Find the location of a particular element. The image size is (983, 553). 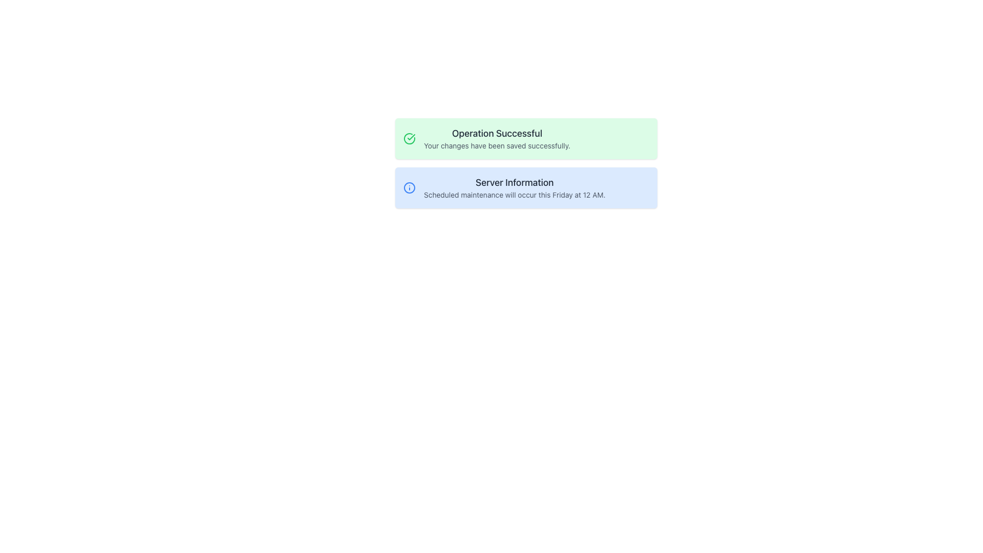

the success notification title text label located at the top section of a light green notification box to potentially reveal tooltips is located at coordinates (497, 133).